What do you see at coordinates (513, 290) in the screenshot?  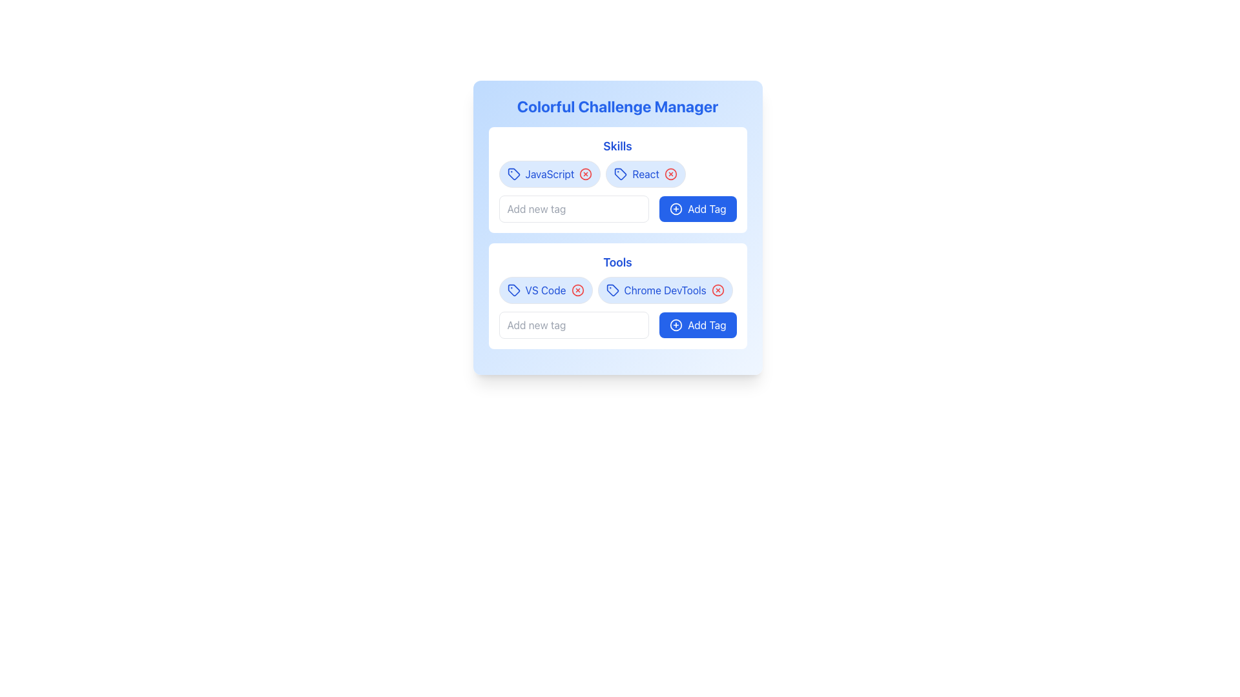 I see `the Graphical Tag Icon representing the 'VS Code' tag, which is the first icon on the left within the 'Tools' section` at bounding box center [513, 290].